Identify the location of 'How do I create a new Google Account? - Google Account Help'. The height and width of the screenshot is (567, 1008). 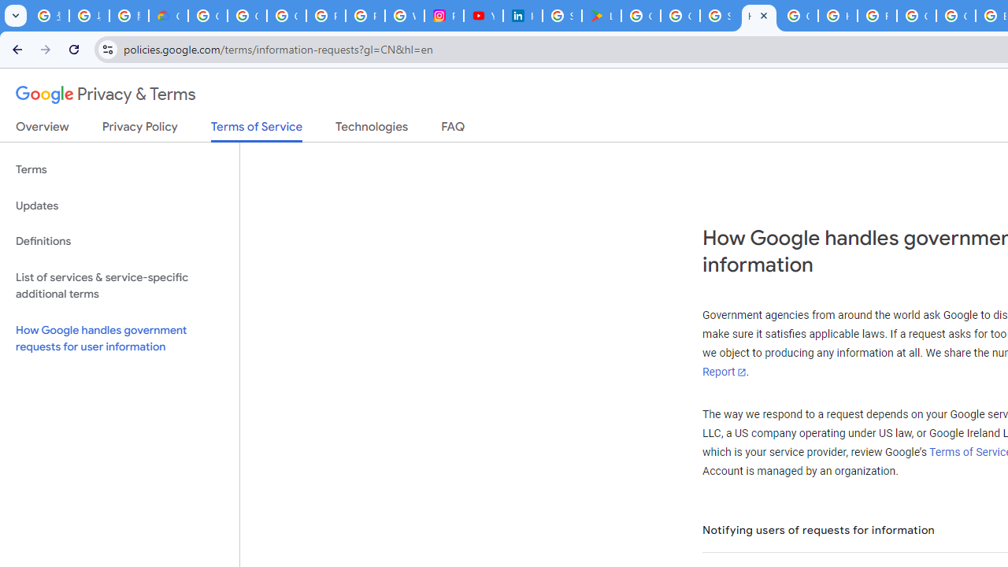
(837, 16).